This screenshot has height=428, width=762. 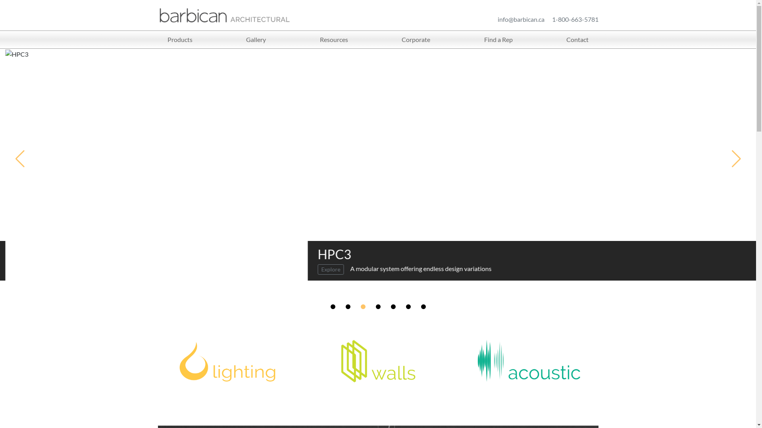 I want to click on 'Resources', so click(x=334, y=40).